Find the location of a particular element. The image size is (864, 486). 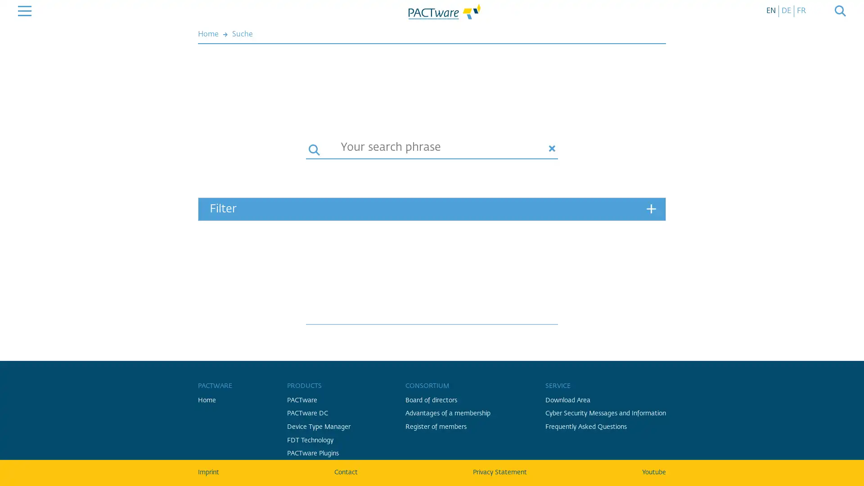

Filter + is located at coordinates (432, 208).